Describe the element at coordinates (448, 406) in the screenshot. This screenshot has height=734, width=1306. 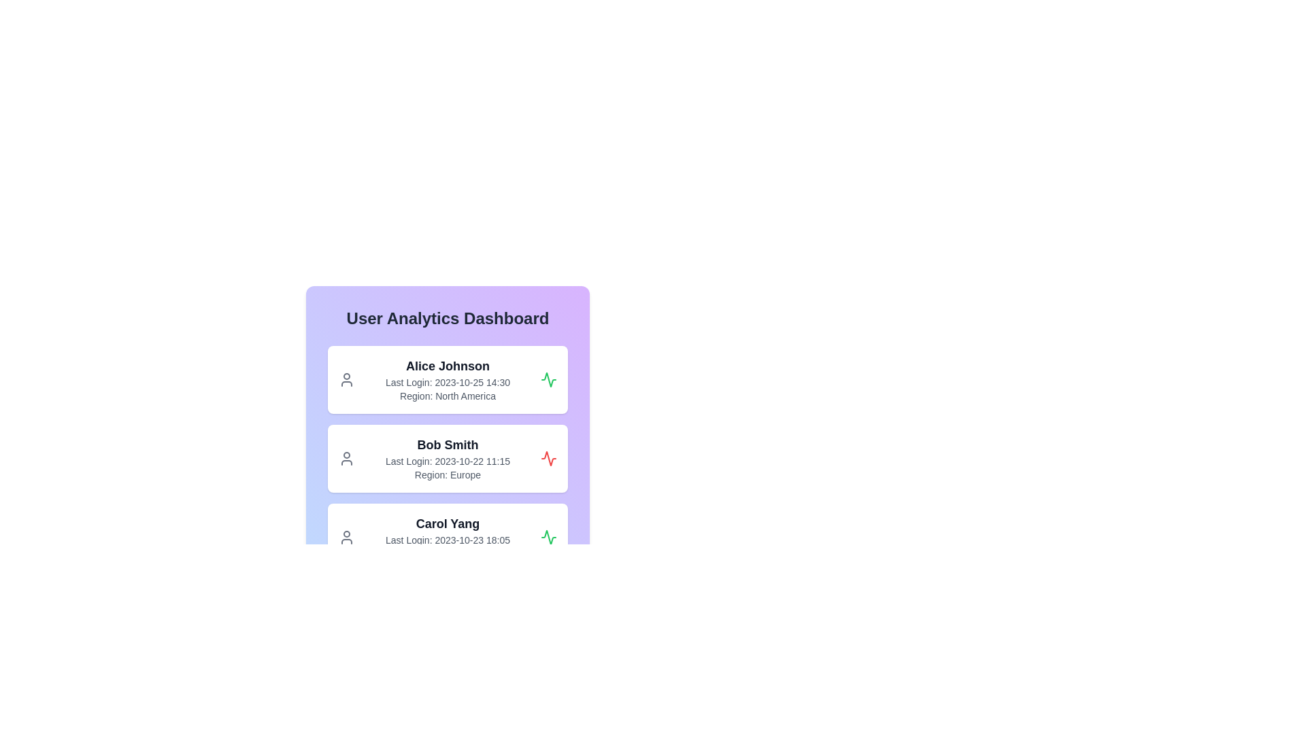
I see `the references within the Information display card that shows user 'Alice Johnson', which includes details like 'Last Login' and 'Region'` at that location.